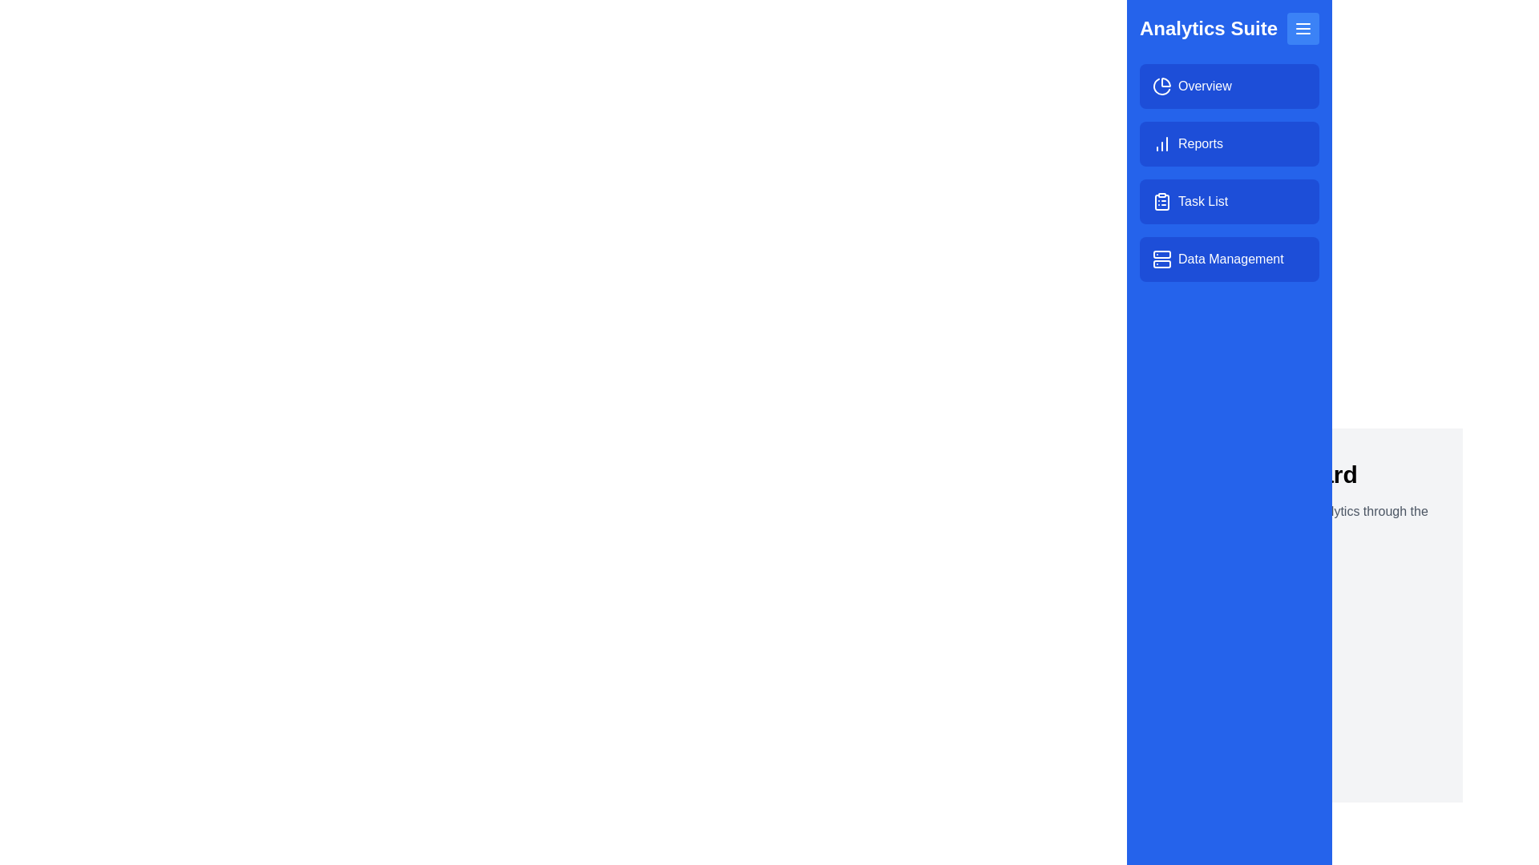 This screenshot has height=865, width=1539. Describe the element at coordinates (1229, 28) in the screenshot. I see `the text element Analytics Suite for interaction` at that location.